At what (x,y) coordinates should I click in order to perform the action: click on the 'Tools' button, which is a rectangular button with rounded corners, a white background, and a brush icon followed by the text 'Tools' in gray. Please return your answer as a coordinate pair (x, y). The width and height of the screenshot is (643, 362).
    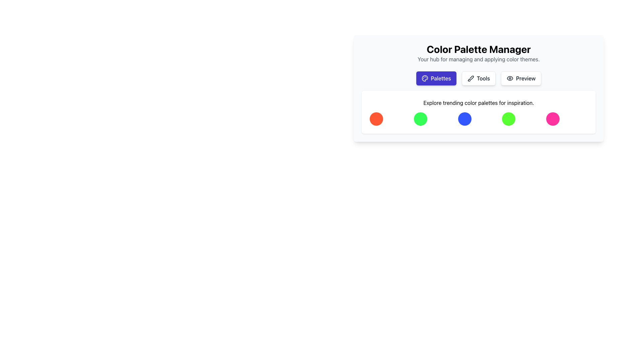
    Looking at the image, I should click on (478, 78).